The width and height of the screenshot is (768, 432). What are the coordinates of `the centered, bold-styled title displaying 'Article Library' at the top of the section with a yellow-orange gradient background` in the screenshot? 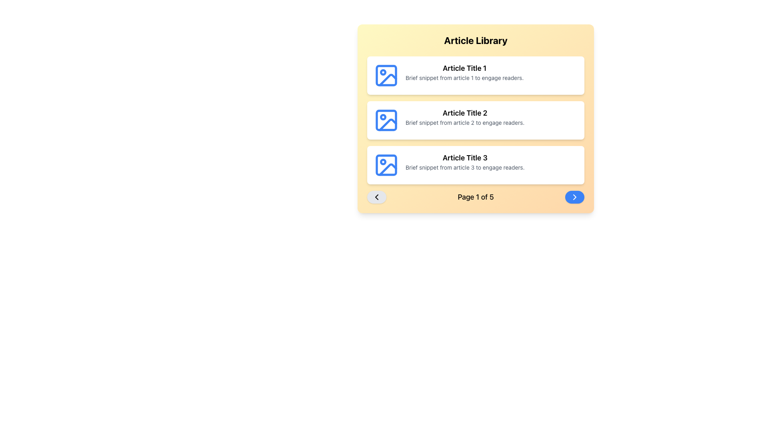 It's located at (476, 40).